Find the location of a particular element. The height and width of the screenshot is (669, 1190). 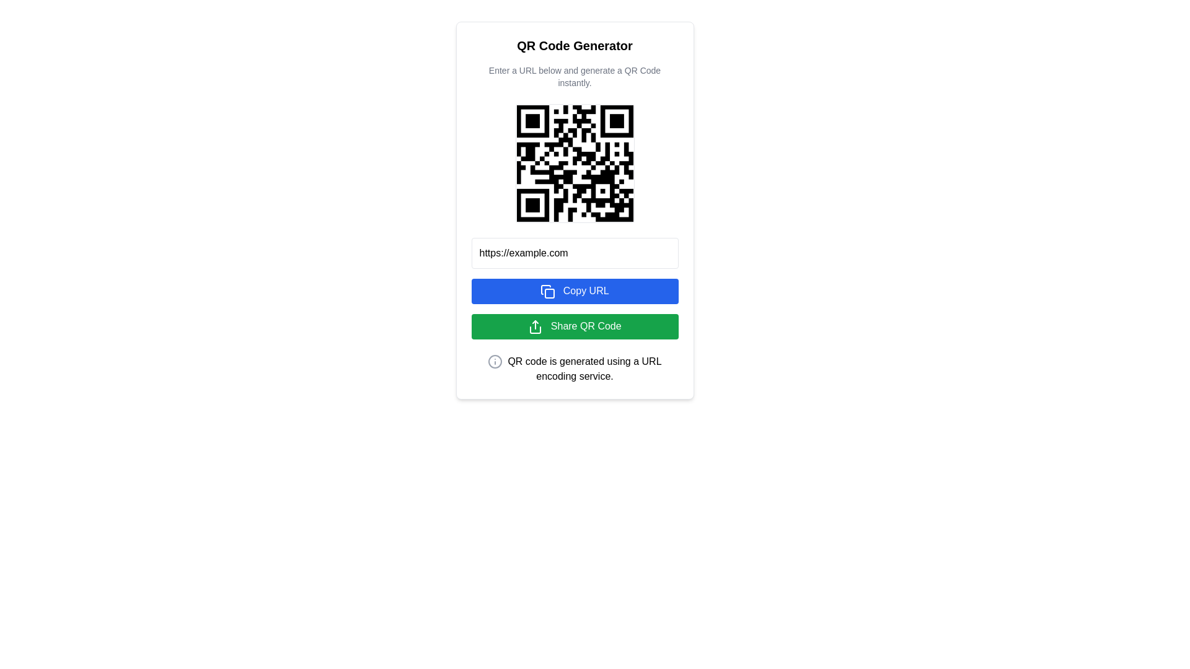

the button located centrally beneath the URL input field to copy the URL to the clipboard is located at coordinates (574, 291).